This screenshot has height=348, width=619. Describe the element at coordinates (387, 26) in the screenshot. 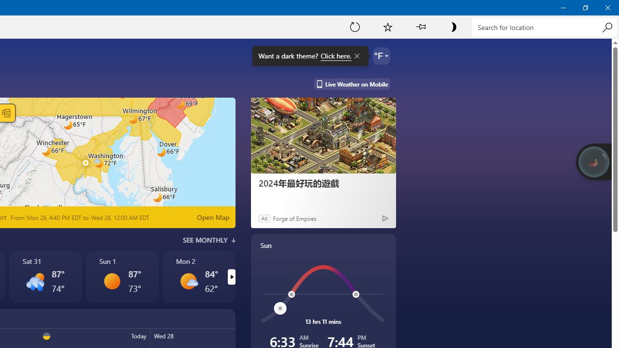

I see `'Add to Favorites'` at that location.